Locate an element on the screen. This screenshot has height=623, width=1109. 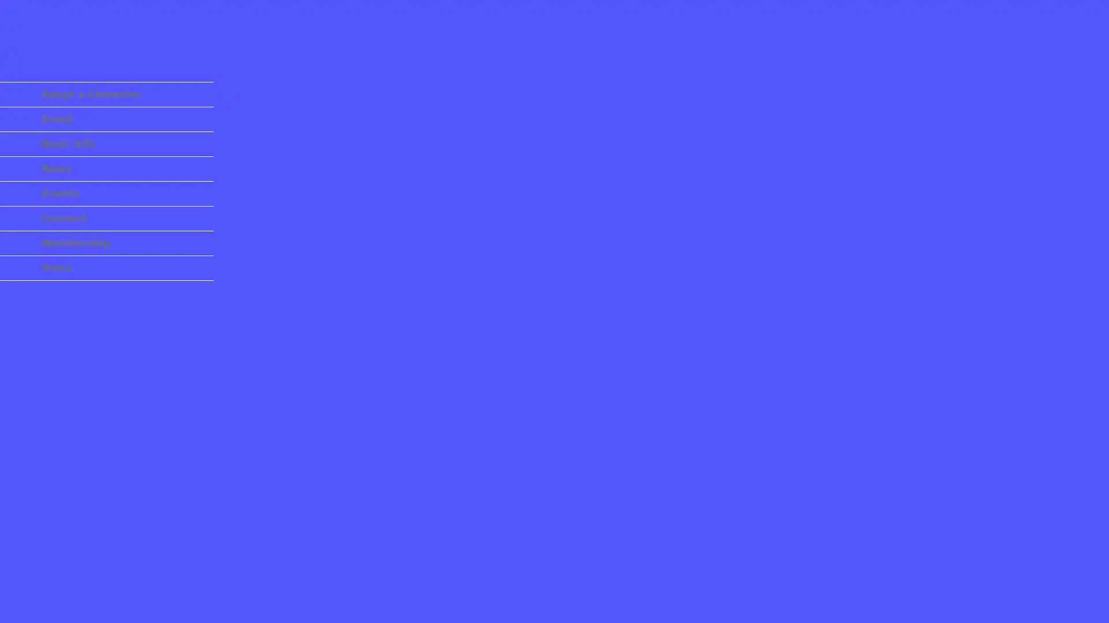
U+25D1 is located at coordinates (615, 222).